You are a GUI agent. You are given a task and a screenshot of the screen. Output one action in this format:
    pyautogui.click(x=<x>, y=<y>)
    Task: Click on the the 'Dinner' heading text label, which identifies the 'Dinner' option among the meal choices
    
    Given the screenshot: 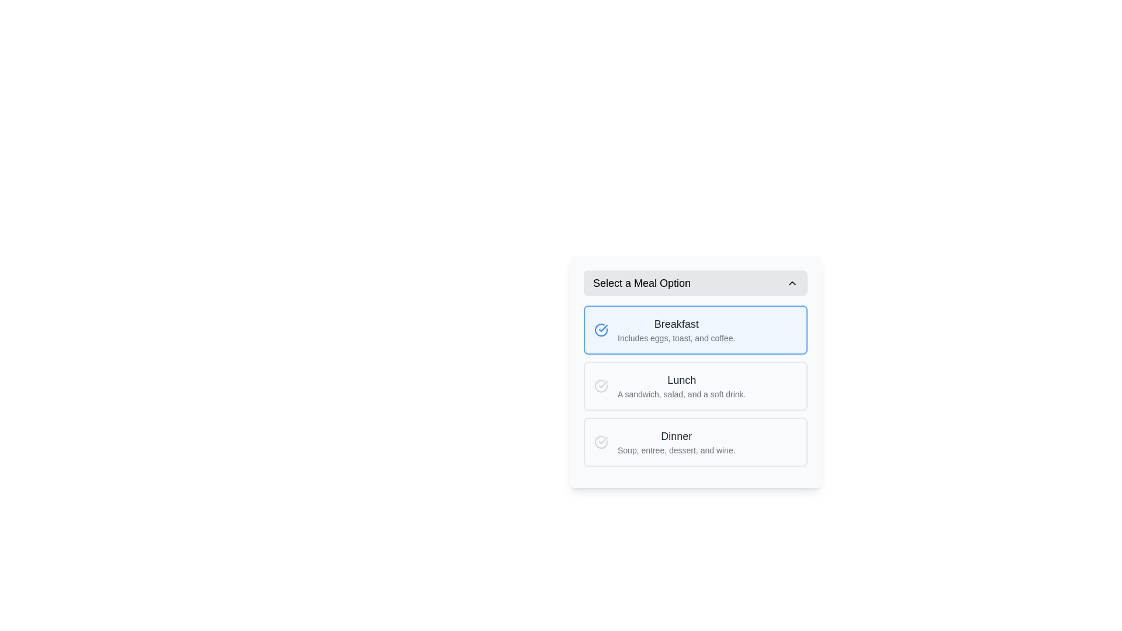 What is the action you would take?
    pyautogui.click(x=676, y=436)
    